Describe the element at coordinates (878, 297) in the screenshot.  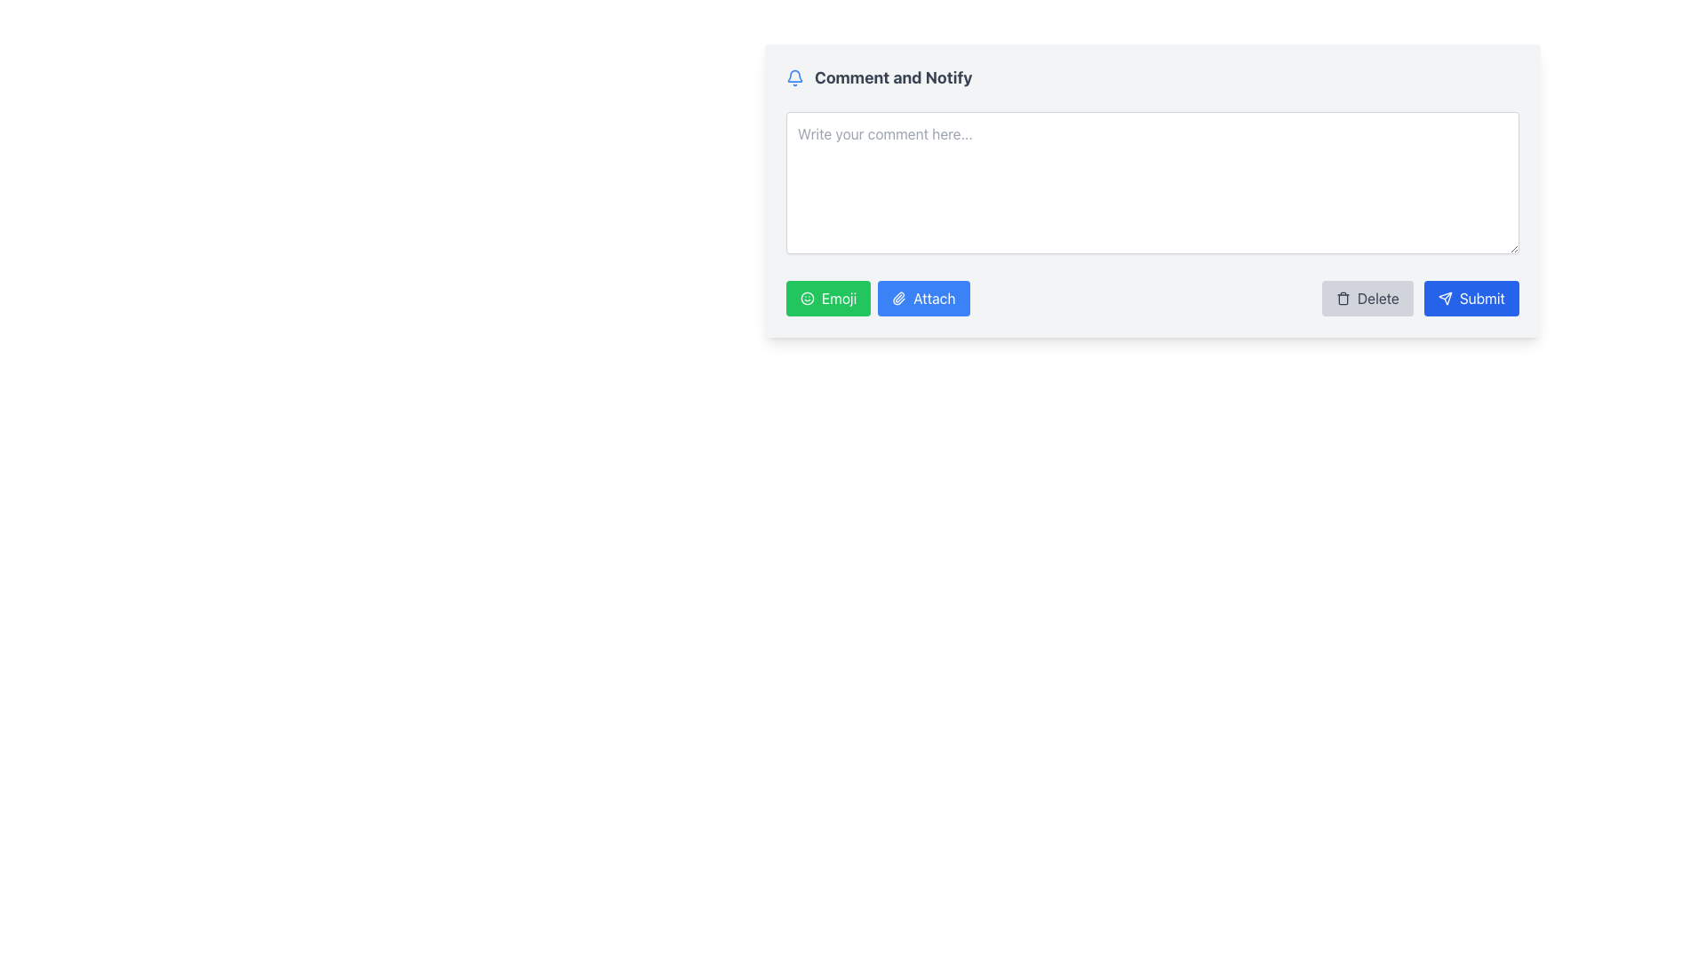
I see `the 'Emoji' button located within the horizontal button group for quick access to emoji selection` at that location.